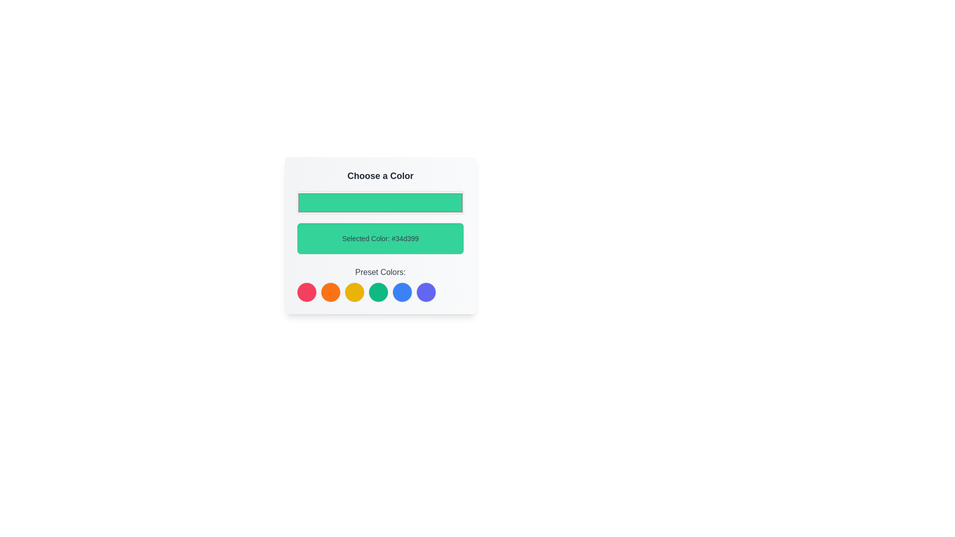 This screenshot has width=955, height=537. I want to click on the color in the Color Picker located below the 'Preset Colors:' title, so click(380, 291).